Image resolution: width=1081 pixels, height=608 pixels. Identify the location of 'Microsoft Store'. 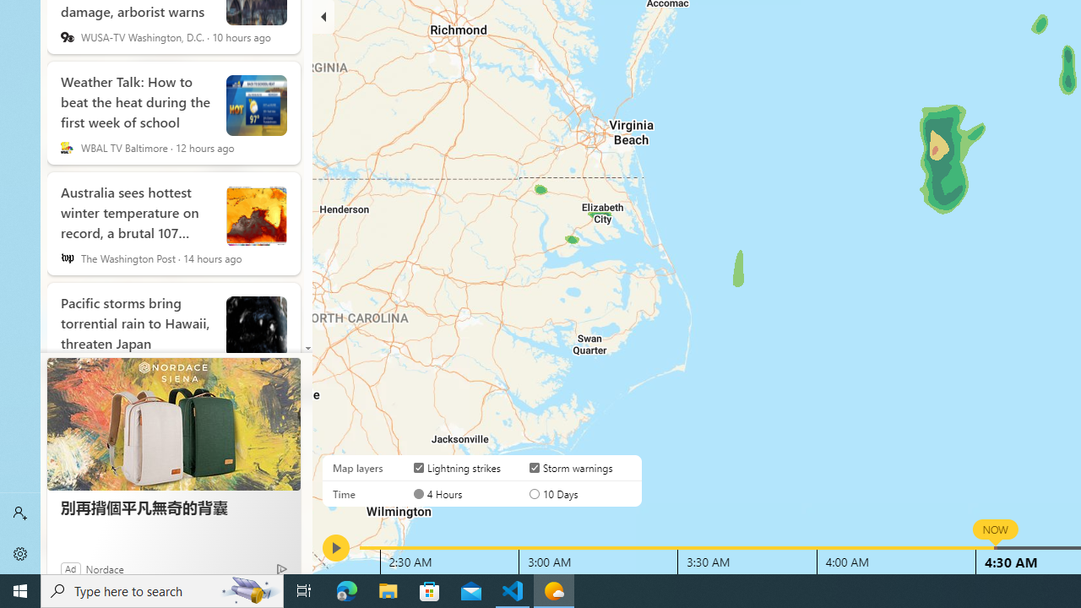
(430, 589).